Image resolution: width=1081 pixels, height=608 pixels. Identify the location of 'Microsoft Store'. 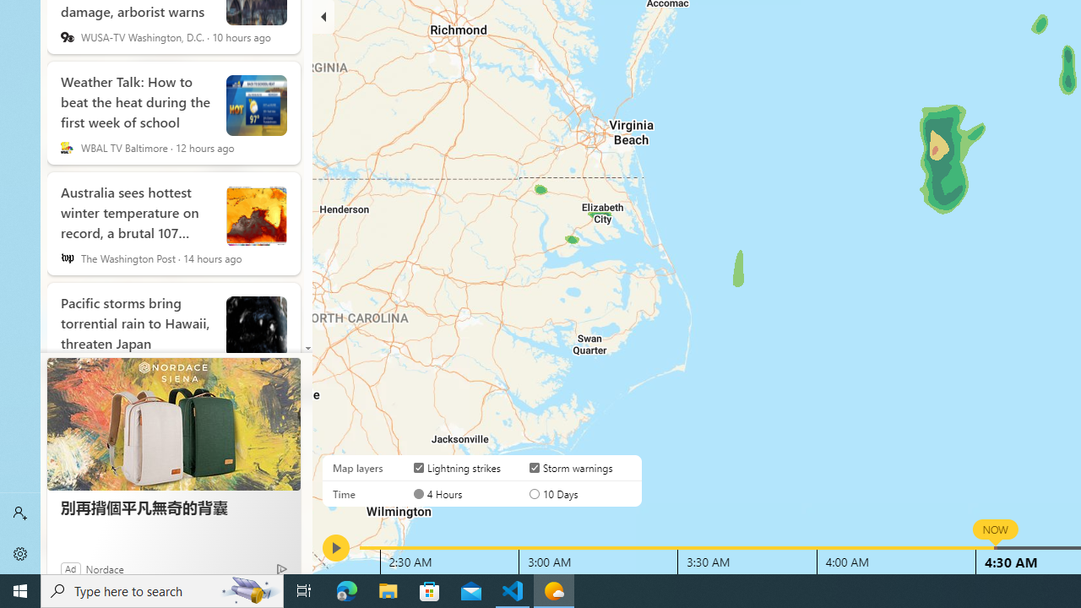
(430, 589).